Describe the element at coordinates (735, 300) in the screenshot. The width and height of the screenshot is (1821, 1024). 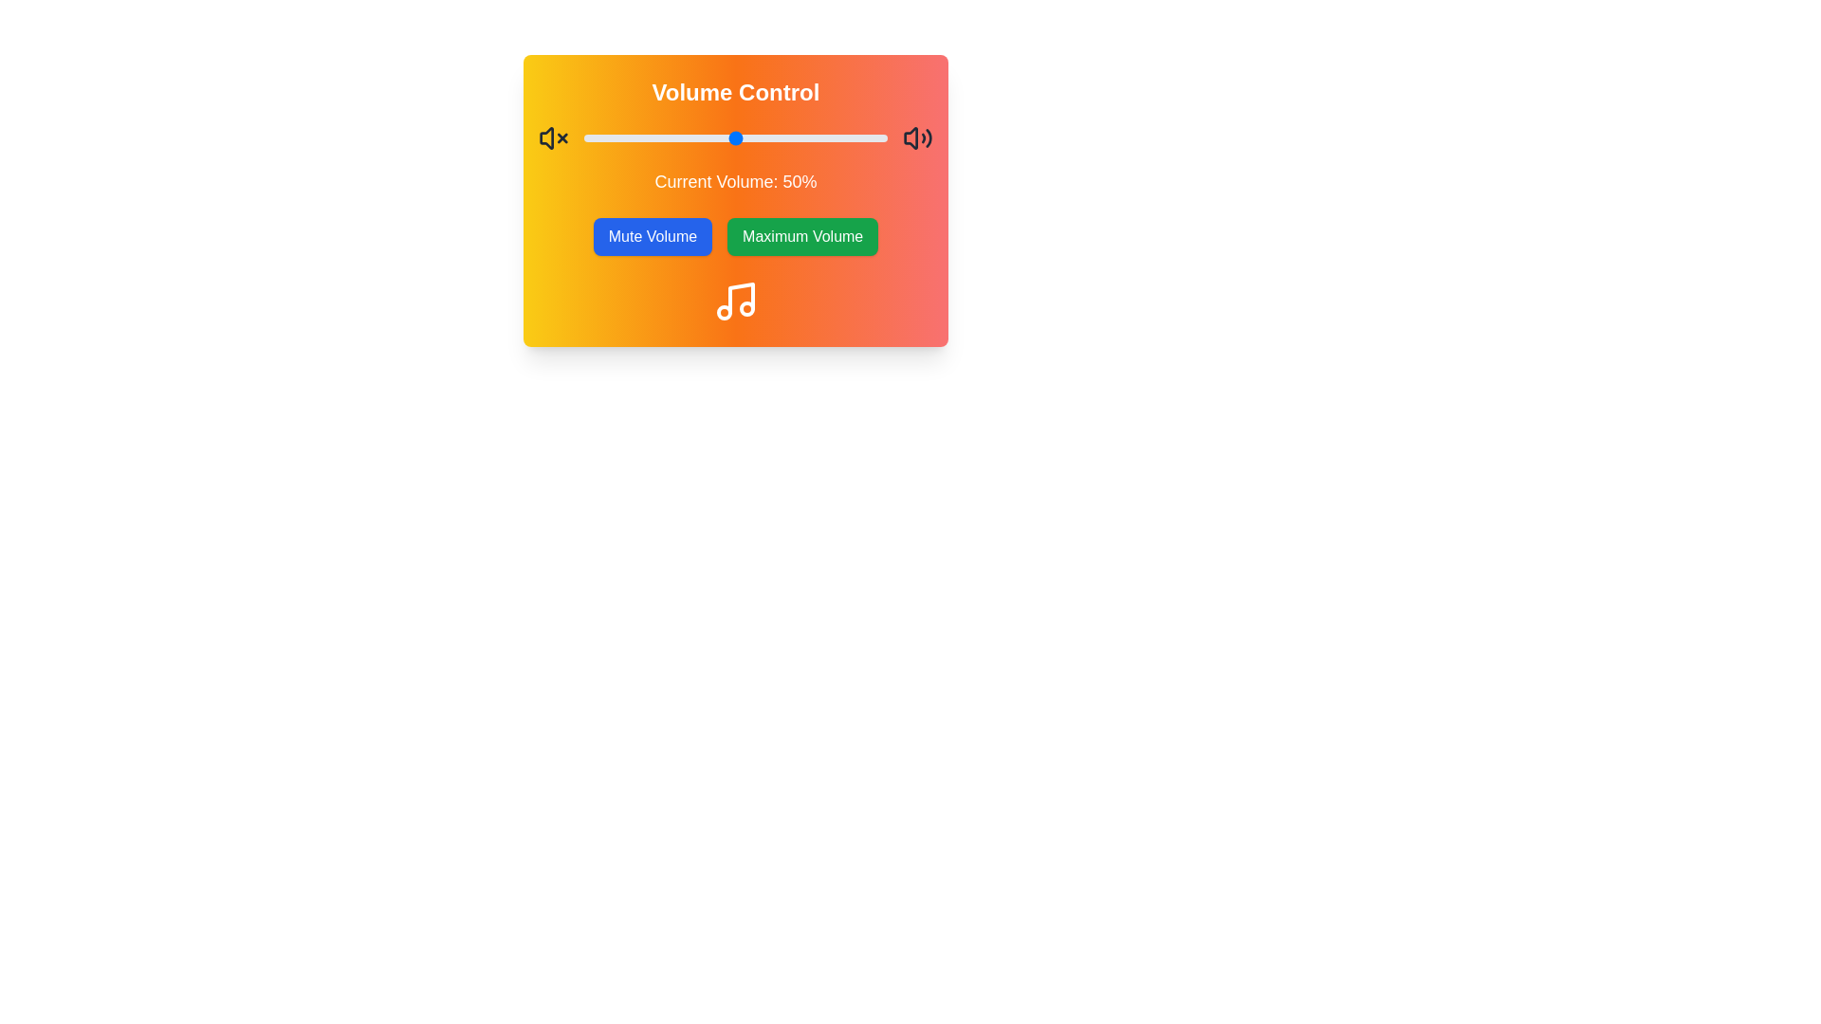
I see `the decorative music icon to simulate interaction` at that location.